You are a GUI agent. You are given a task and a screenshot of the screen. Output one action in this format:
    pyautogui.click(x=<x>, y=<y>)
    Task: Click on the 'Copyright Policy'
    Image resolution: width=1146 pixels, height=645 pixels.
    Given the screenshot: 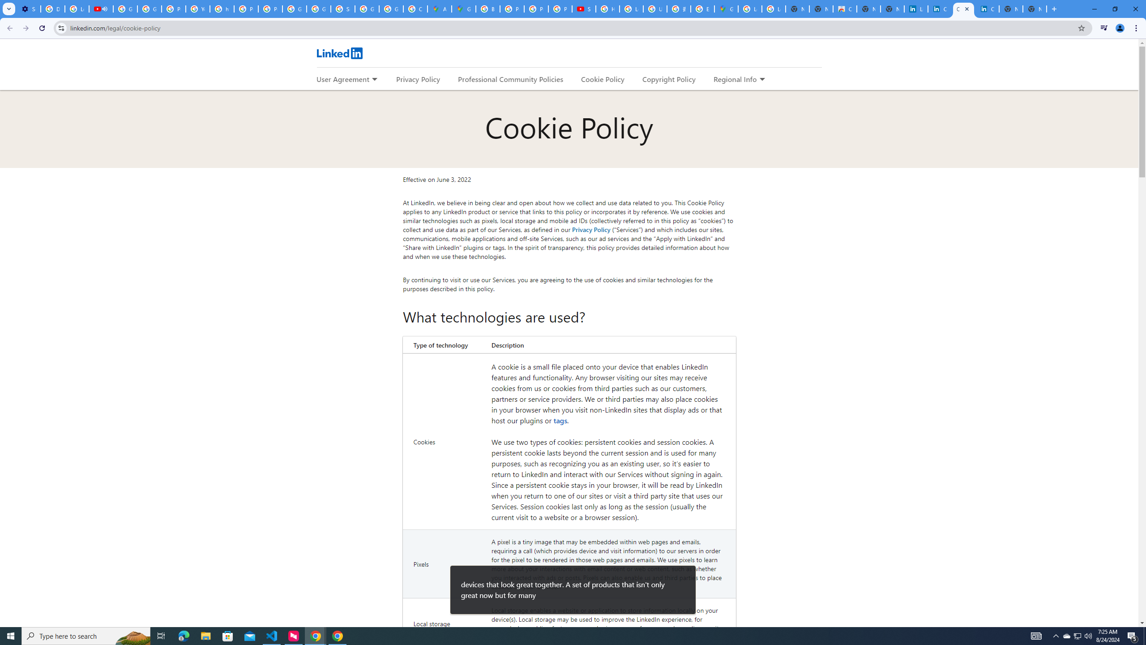 What is the action you would take?
    pyautogui.click(x=668, y=79)
    